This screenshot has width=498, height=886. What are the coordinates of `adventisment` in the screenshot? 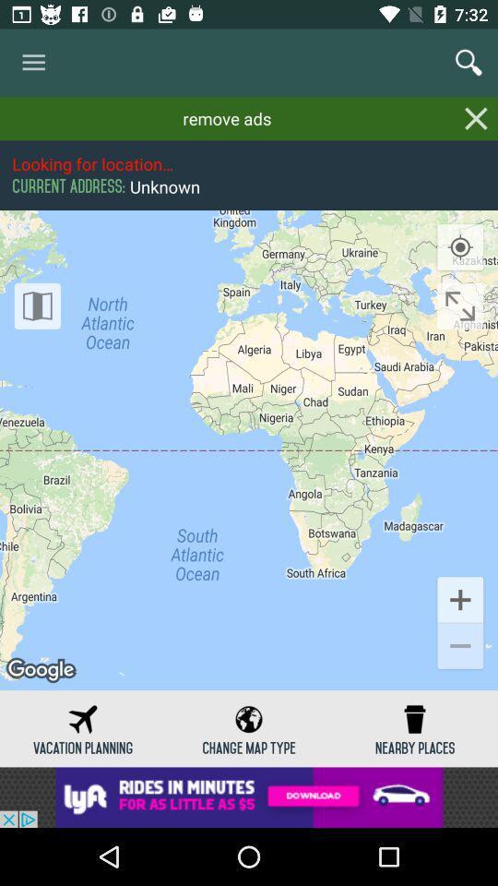 It's located at (249, 796).